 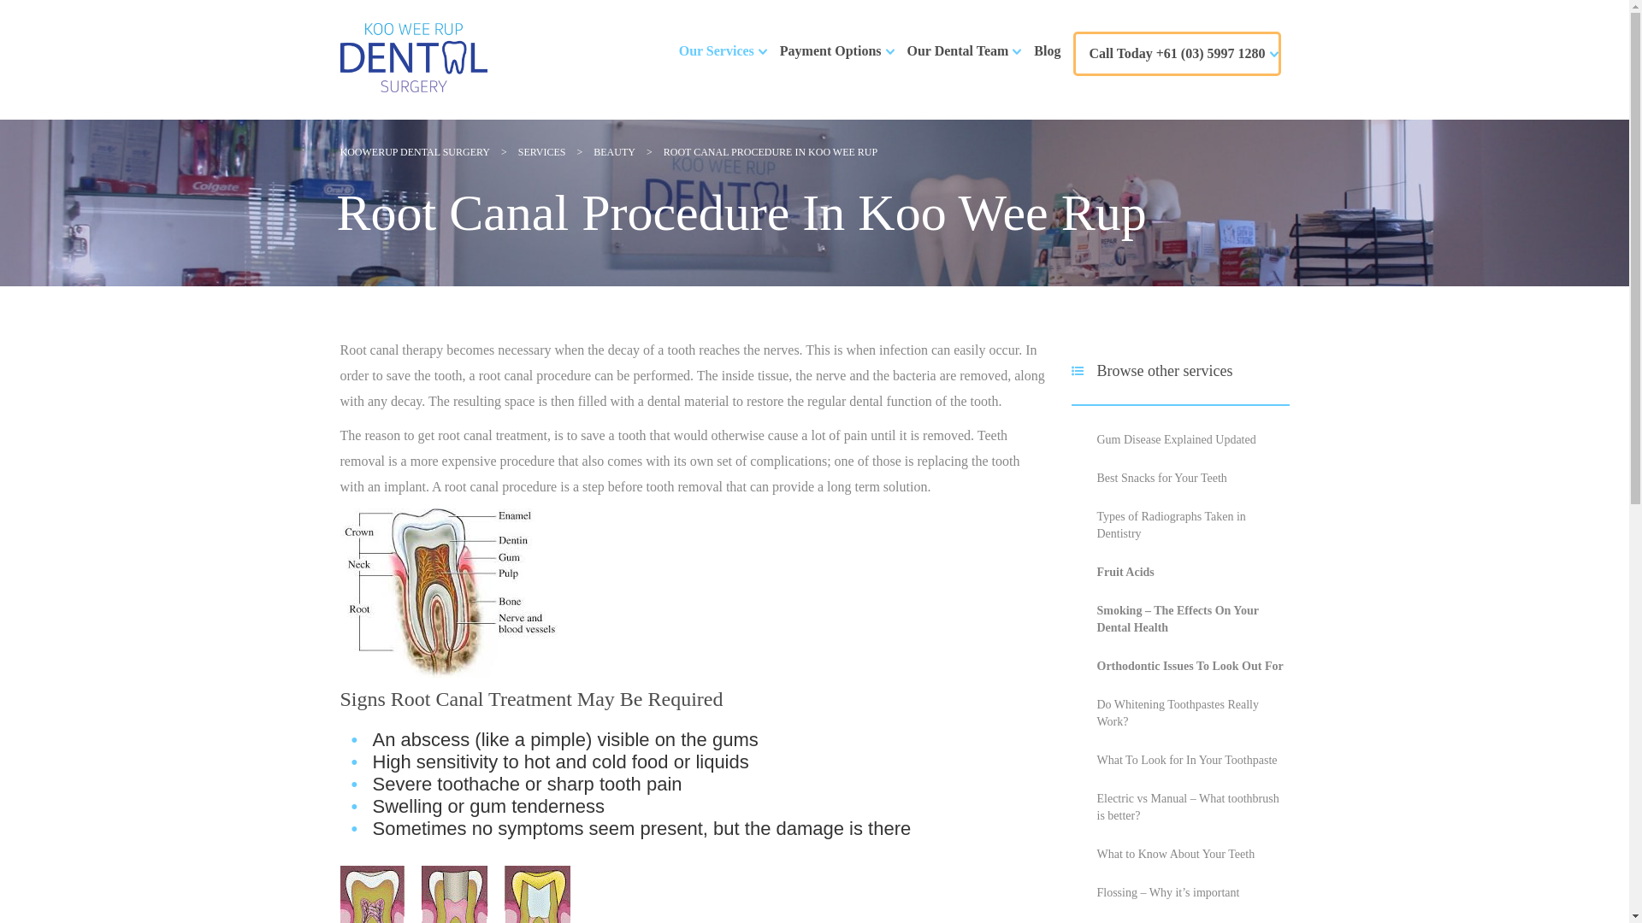 I want to click on 'Call Today +61 (03) 5997 1280', so click(x=1176, y=52).